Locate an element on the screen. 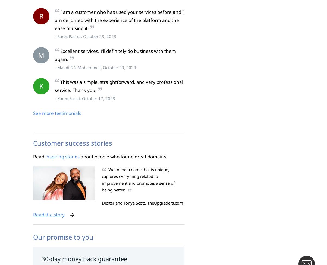 The image size is (327, 265). '- Mahdi S N Mohammed, October 20, 2023' is located at coordinates (95, 67).